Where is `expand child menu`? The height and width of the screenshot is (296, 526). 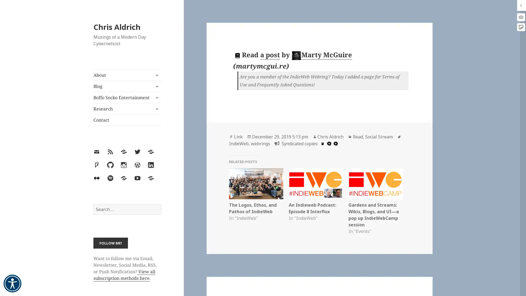 expand child menu is located at coordinates (156, 109).